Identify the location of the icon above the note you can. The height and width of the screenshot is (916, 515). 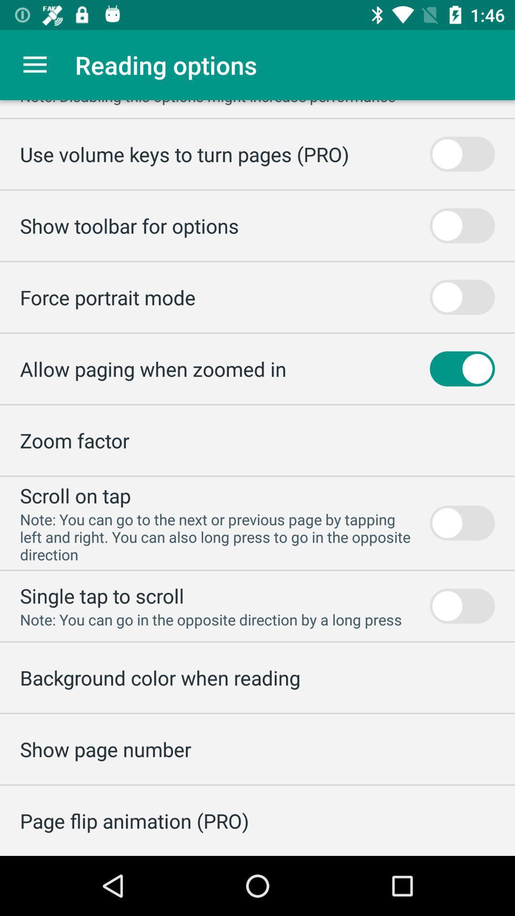
(102, 595).